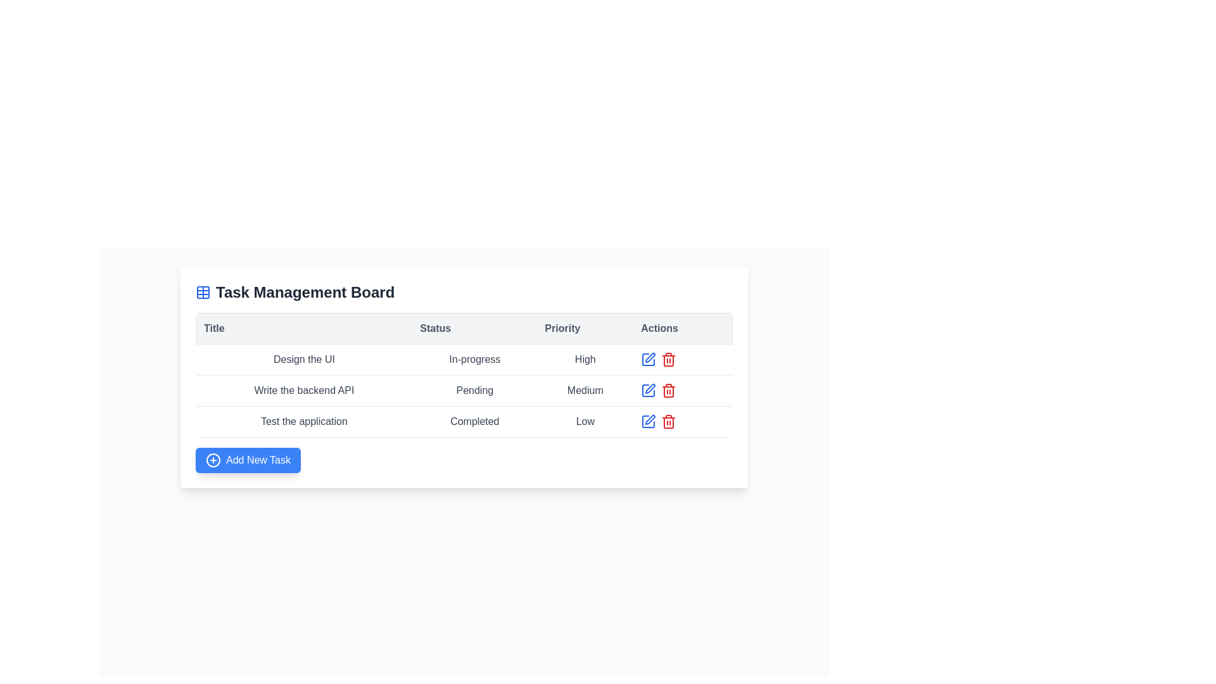 This screenshot has width=1216, height=684. Describe the element at coordinates (668, 390) in the screenshot. I see `the red trash can icon in the 'Actions' column` at that location.